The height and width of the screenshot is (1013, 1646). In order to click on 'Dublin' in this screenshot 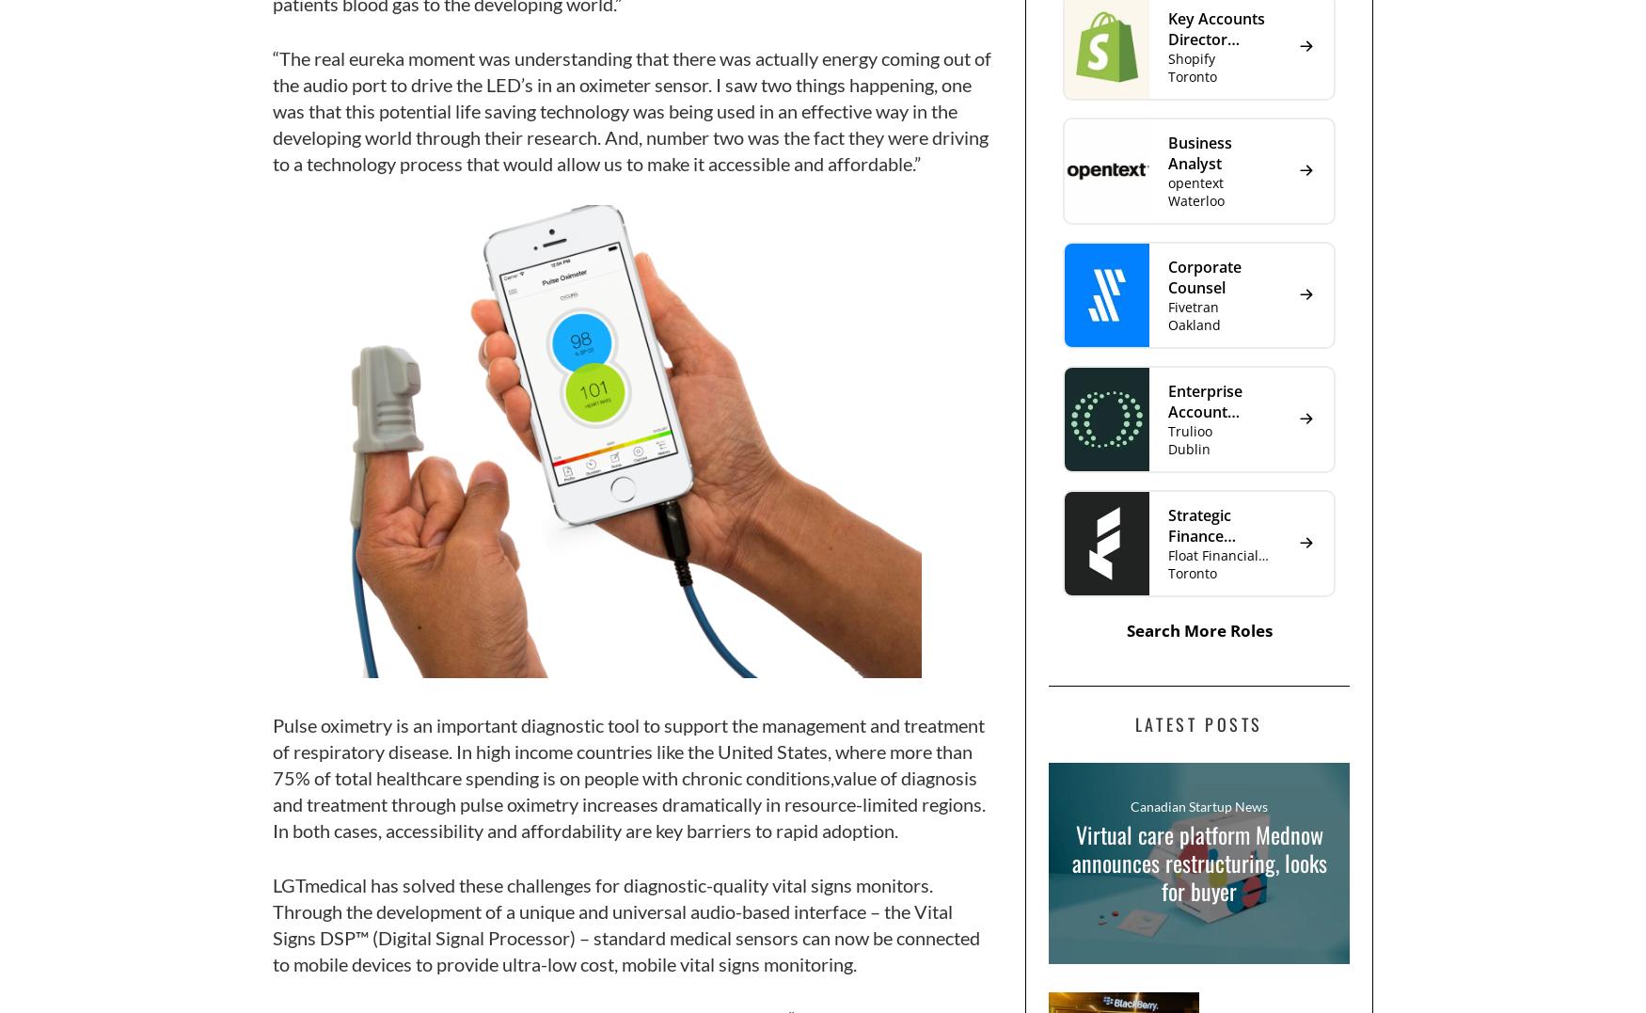, I will do `click(1188, 448)`.